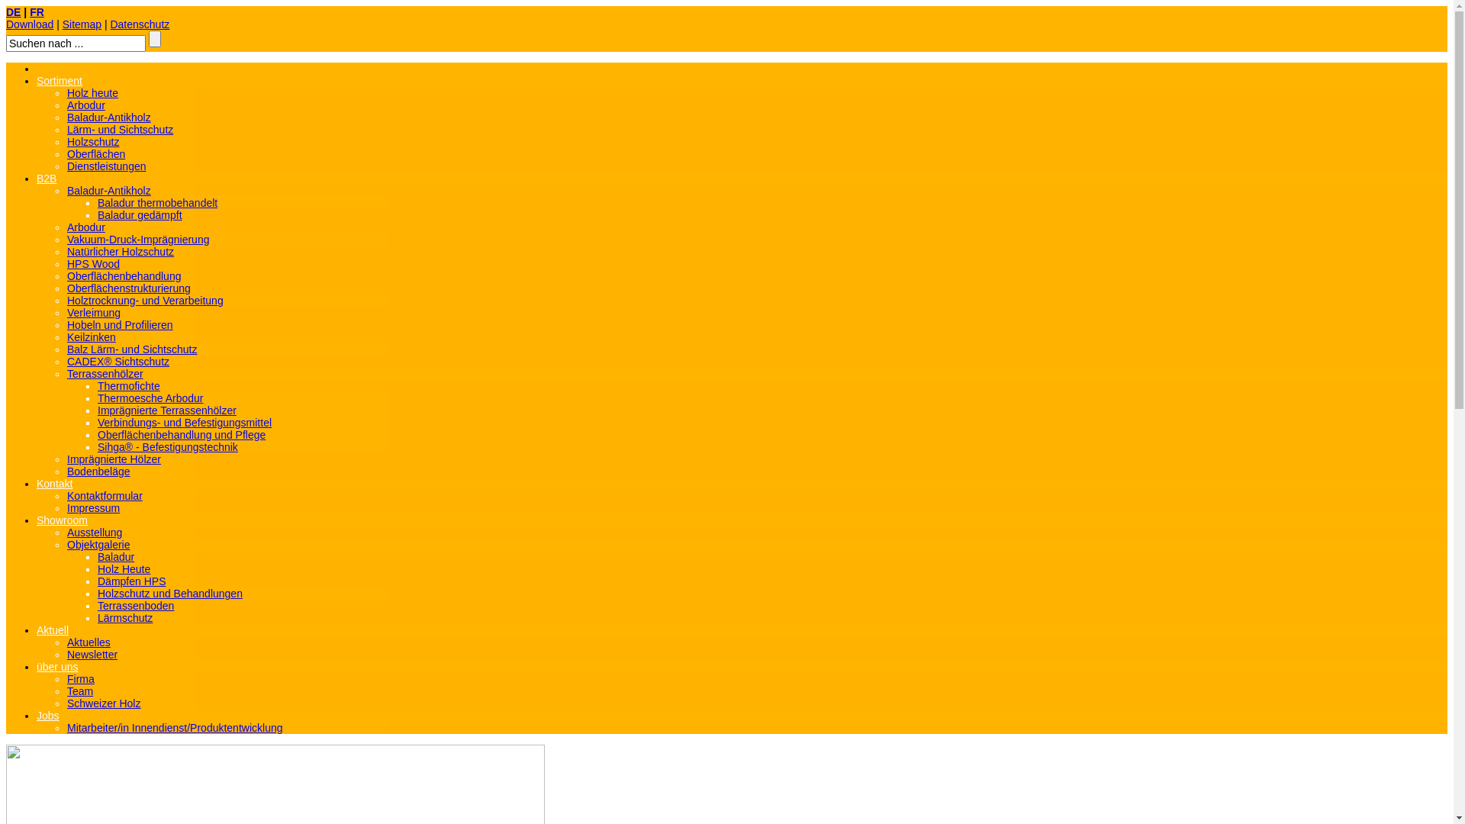 Image resolution: width=1465 pixels, height=824 pixels. What do you see at coordinates (124, 568) in the screenshot?
I see `'Holz Heute'` at bounding box center [124, 568].